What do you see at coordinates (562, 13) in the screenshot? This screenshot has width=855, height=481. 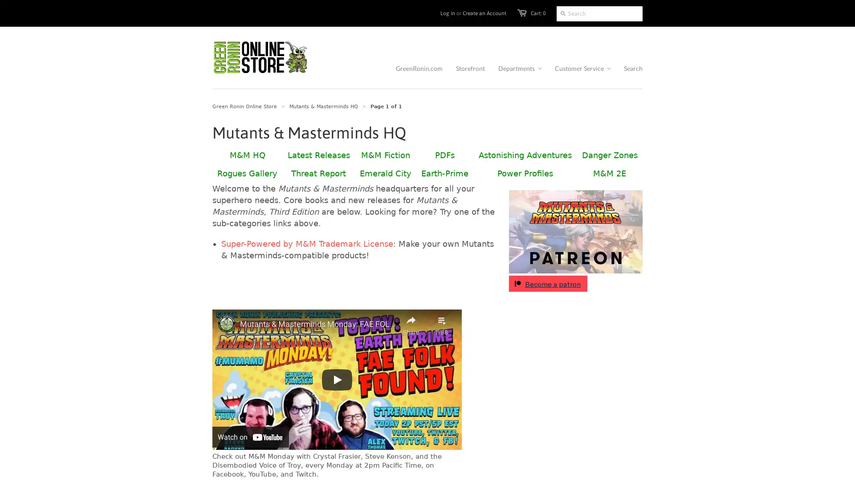 I see `Go` at bounding box center [562, 13].